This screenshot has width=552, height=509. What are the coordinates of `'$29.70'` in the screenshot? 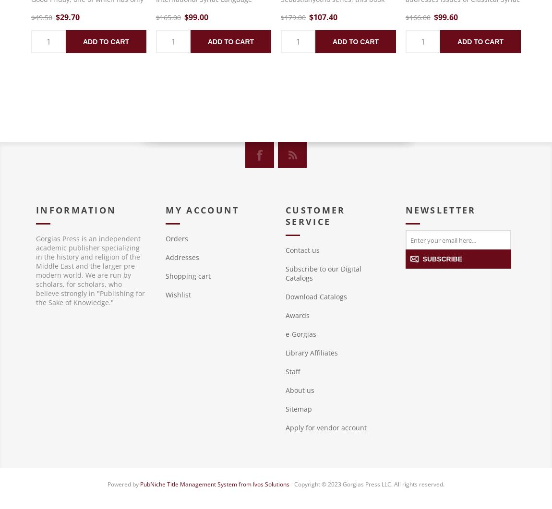 It's located at (67, 17).